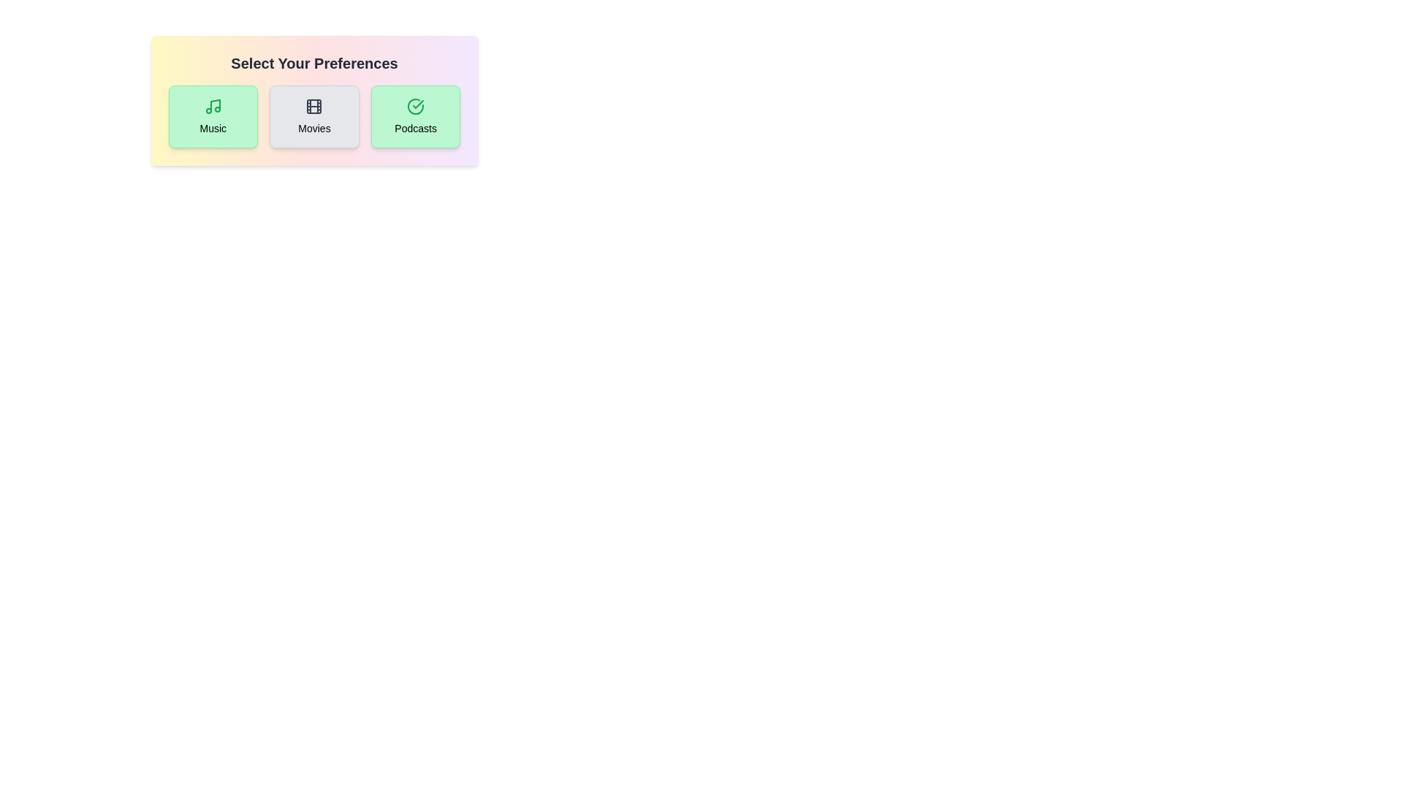 This screenshot has width=1403, height=789. Describe the element at coordinates (313, 63) in the screenshot. I see `the heading text to select it` at that location.